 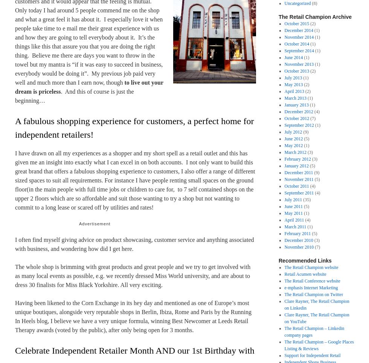 I want to click on 'December 2011', so click(x=299, y=172).